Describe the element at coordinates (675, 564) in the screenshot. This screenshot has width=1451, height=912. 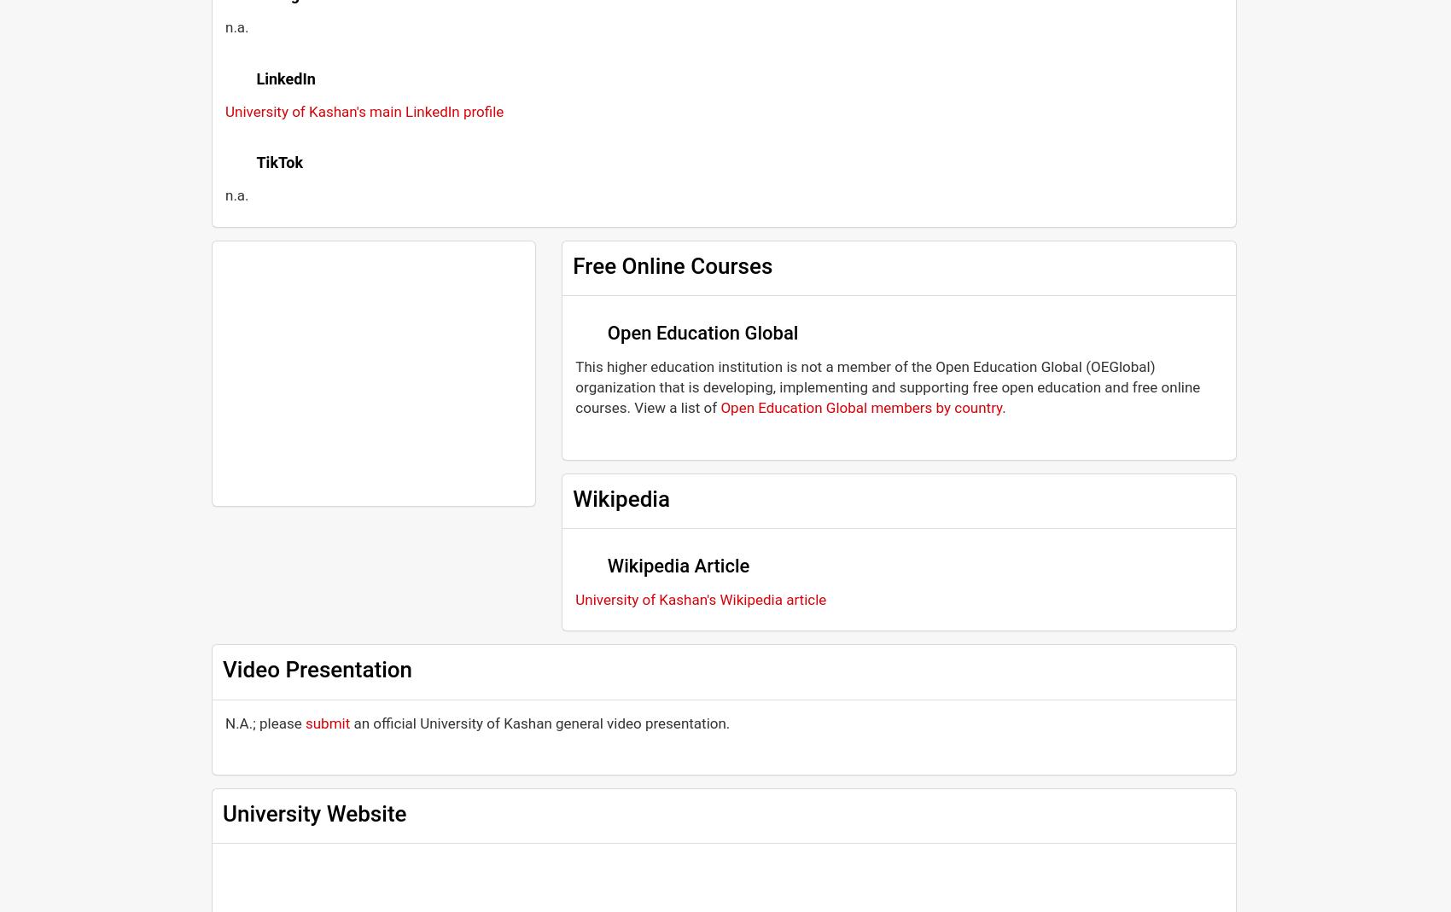
I see `'Wikipedia Article'` at that location.